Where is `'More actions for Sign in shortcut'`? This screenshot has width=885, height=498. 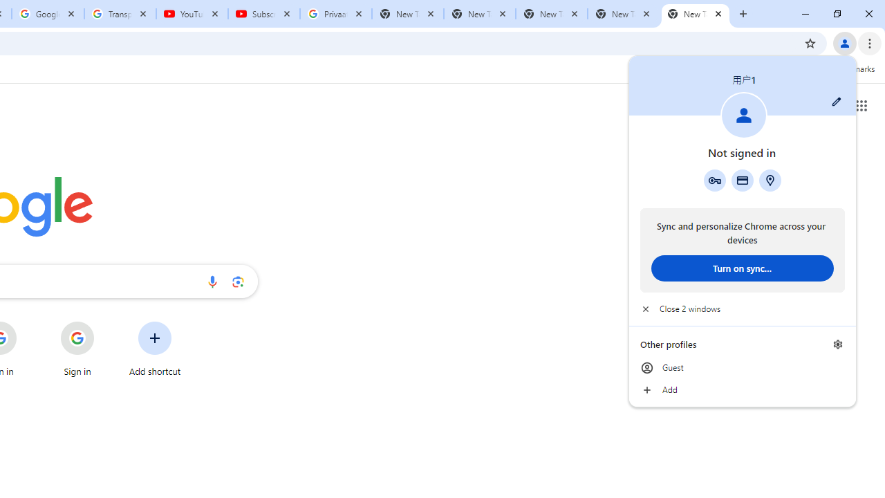
'More actions for Sign in shortcut' is located at coordinates (104, 322).